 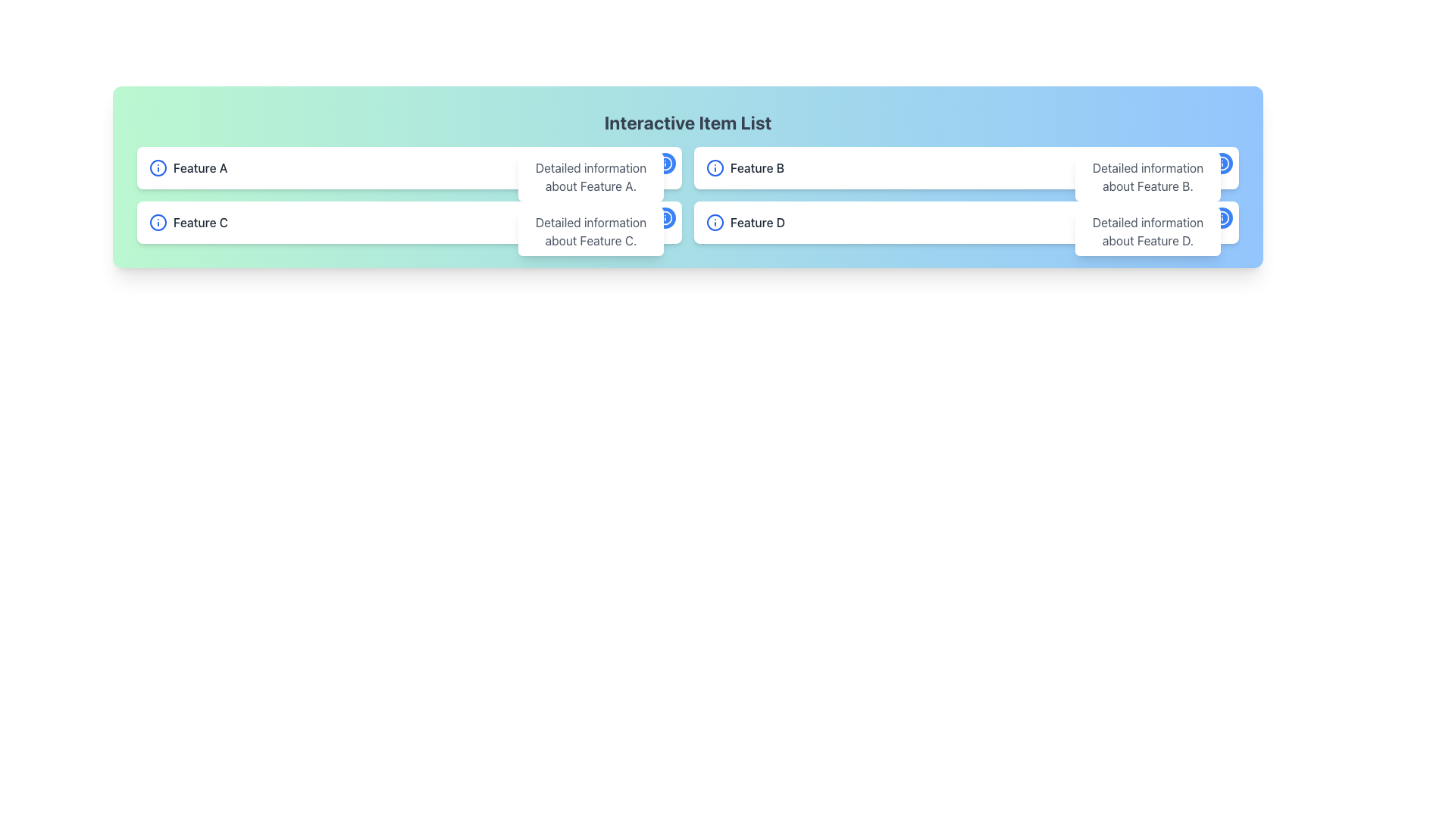 I want to click on the icon located to the left of the text 'Feature D', so click(x=715, y=222).